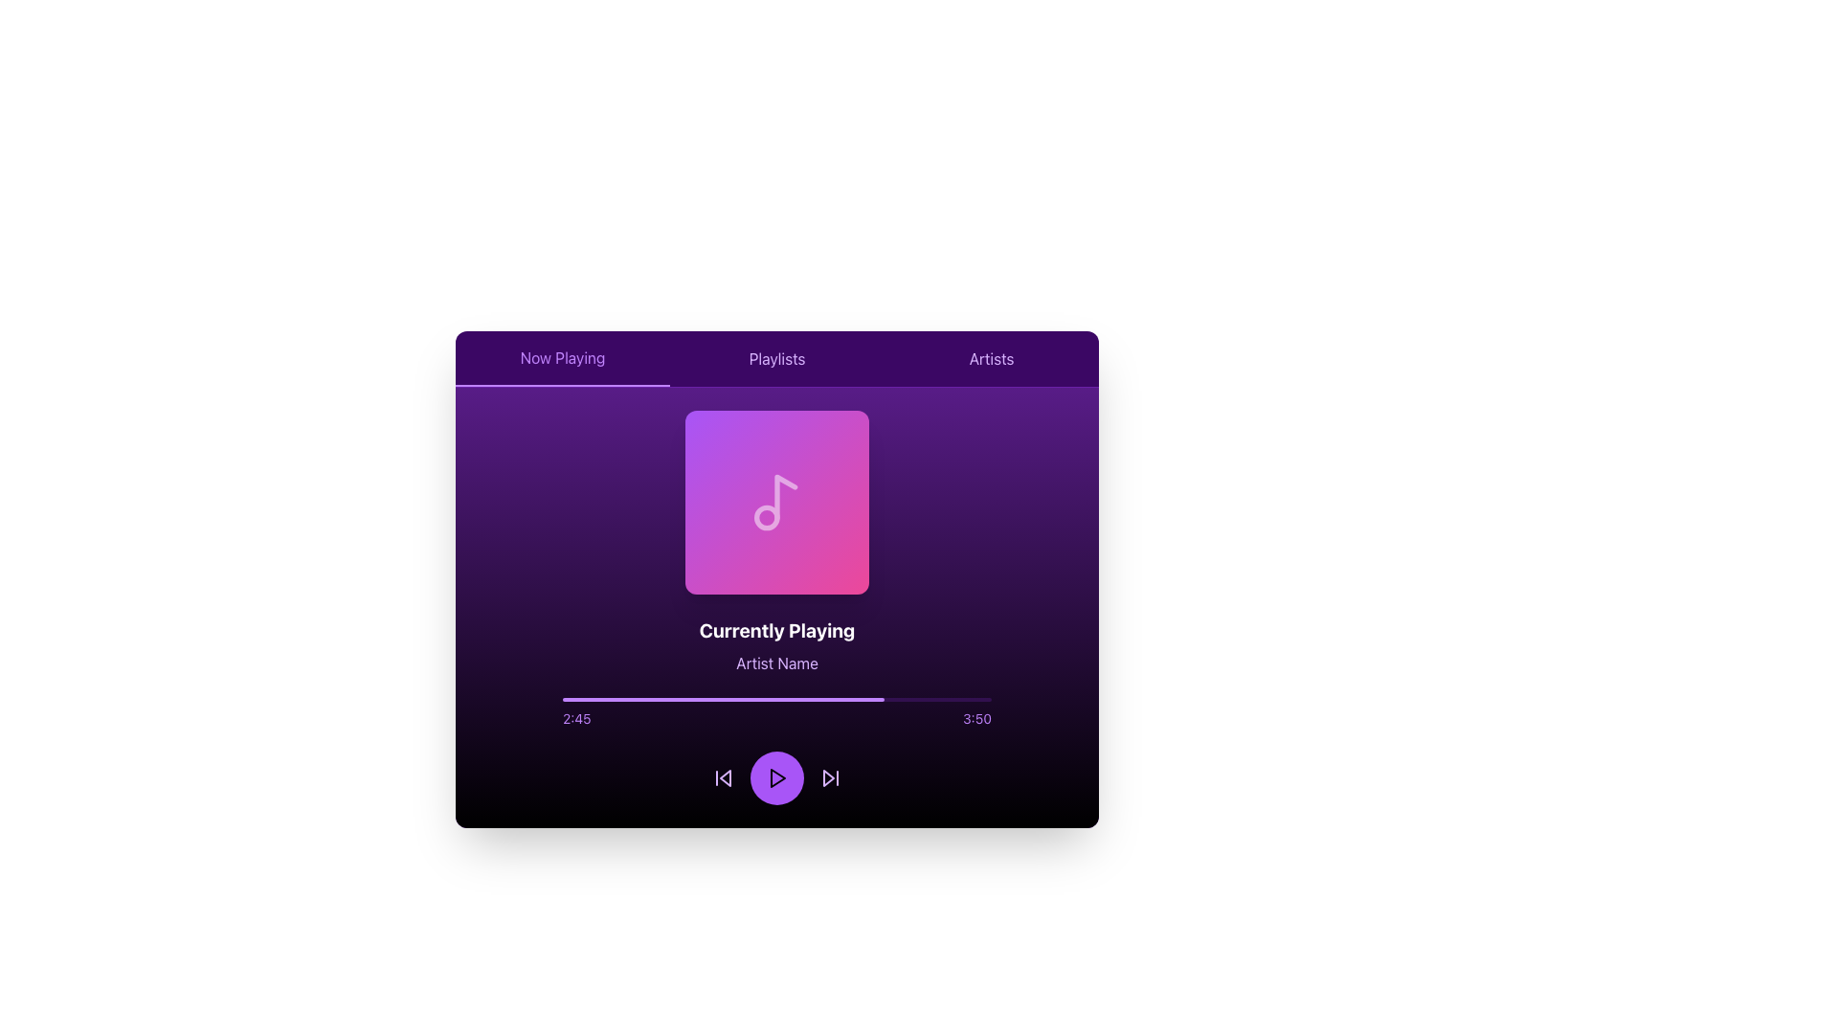 The width and height of the screenshot is (1838, 1034). I want to click on information displayed in the music player interface, which shows the title 'Currently Playing' and the subtitle 'Artist Name', so click(776, 608).